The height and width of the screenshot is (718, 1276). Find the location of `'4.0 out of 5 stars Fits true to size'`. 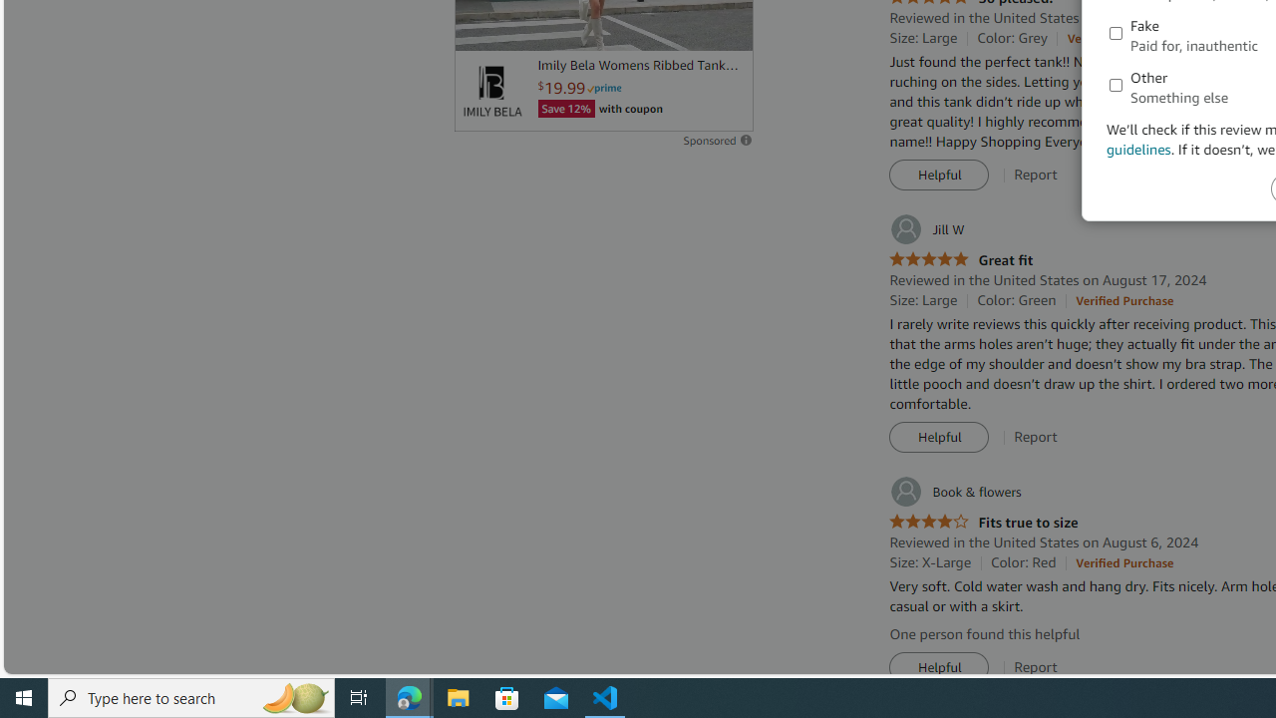

'4.0 out of 5 stars Fits true to size' is located at coordinates (983, 522).